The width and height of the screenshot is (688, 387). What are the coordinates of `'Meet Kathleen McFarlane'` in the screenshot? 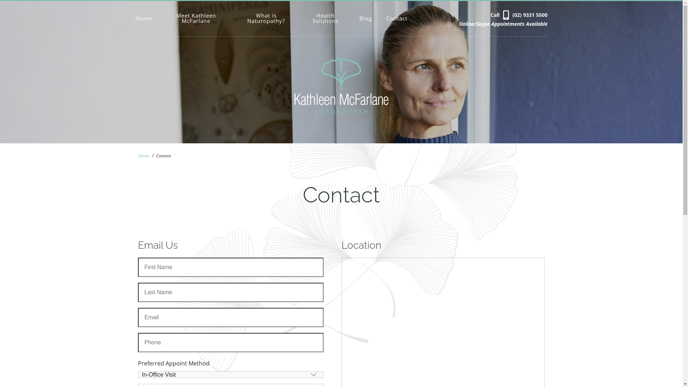 It's located at (196, 18).